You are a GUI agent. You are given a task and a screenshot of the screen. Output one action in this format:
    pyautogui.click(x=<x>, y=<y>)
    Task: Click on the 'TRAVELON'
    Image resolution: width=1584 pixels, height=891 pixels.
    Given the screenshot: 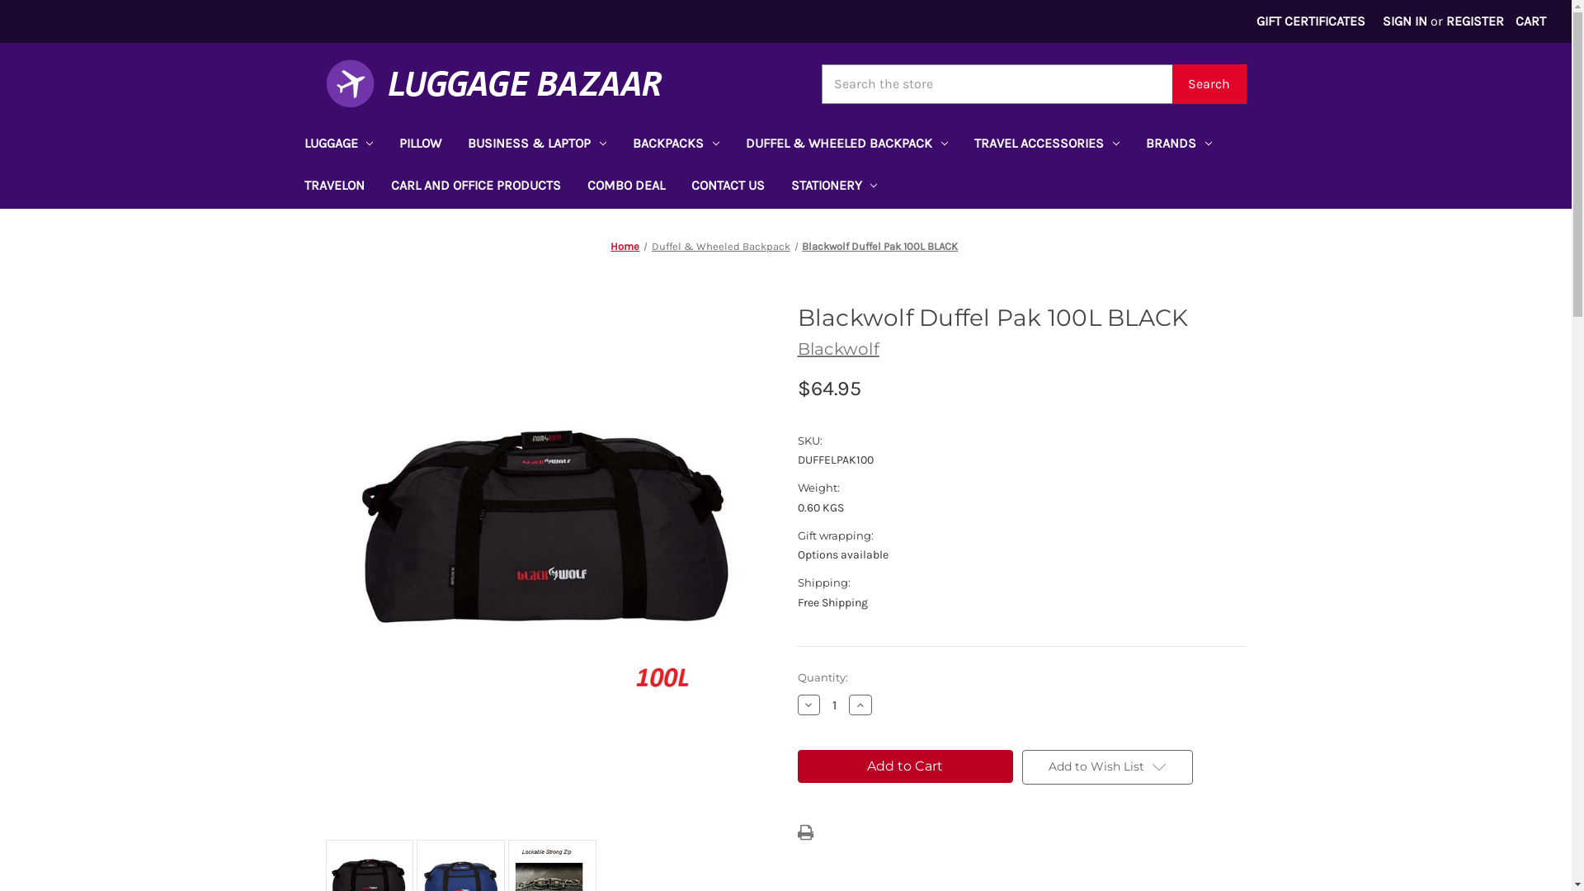 What is the action you would take?
    pyautogui.click(x=332, y=186)
    